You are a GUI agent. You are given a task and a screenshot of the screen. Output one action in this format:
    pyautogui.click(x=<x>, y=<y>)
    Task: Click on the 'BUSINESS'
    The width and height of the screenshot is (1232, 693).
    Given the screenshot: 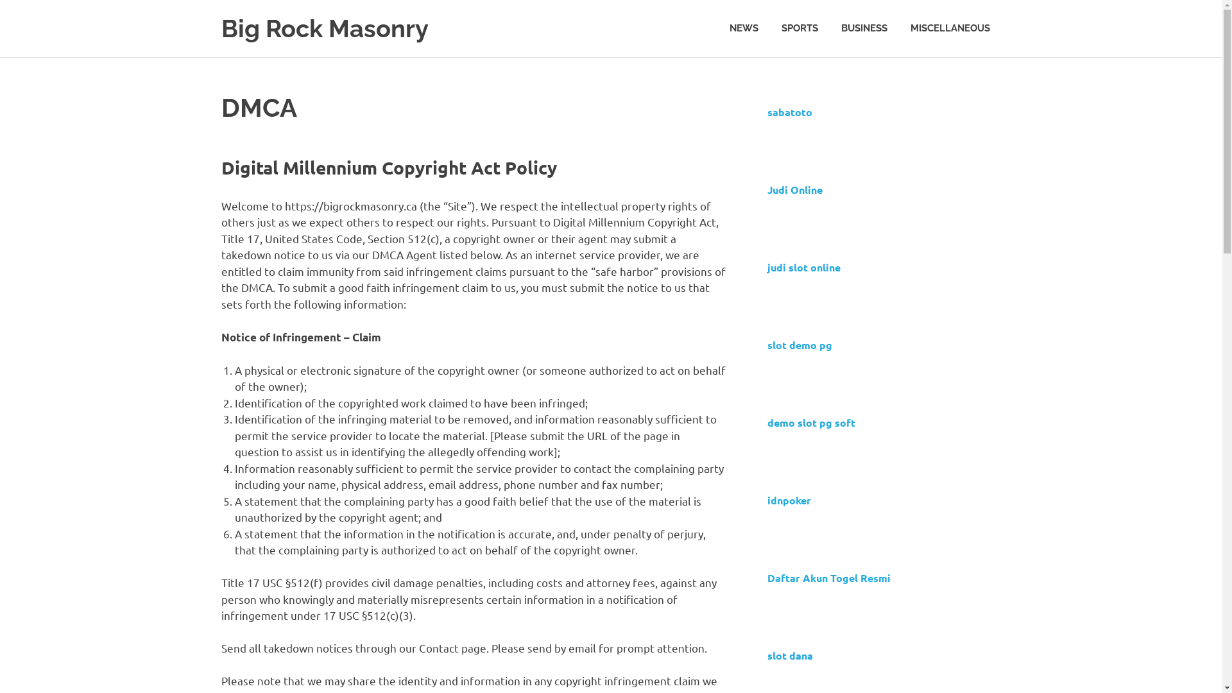 What is the action you would take?
    pyautogui.click(x=863, y=28)
    